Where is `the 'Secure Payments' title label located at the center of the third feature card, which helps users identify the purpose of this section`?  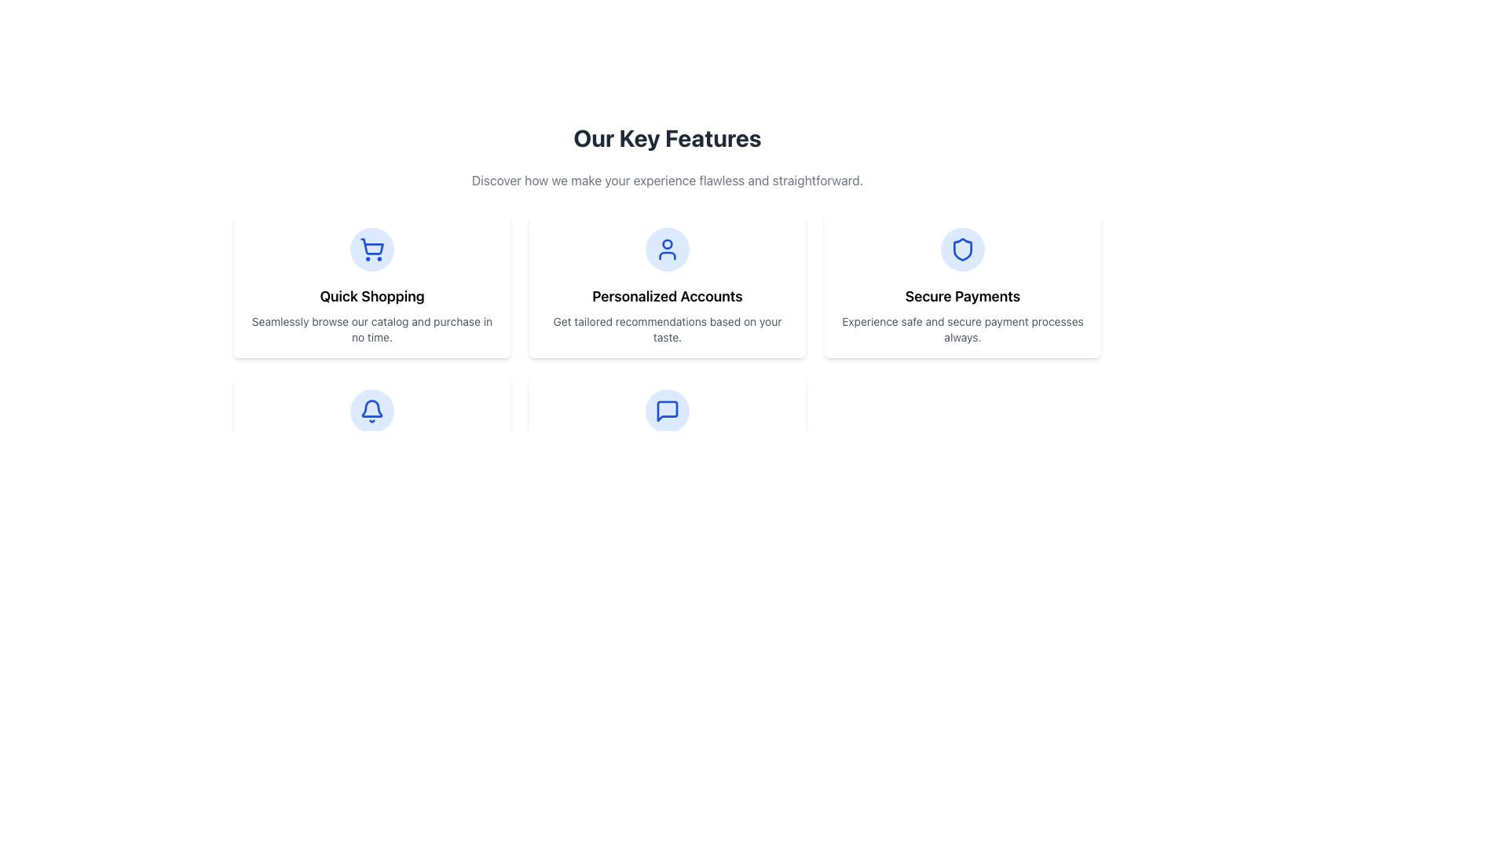 the 'Secure Payments' title label located at the center of the third feature card, which helps users identify the purpose of this section is located at coordinates (961, 297).